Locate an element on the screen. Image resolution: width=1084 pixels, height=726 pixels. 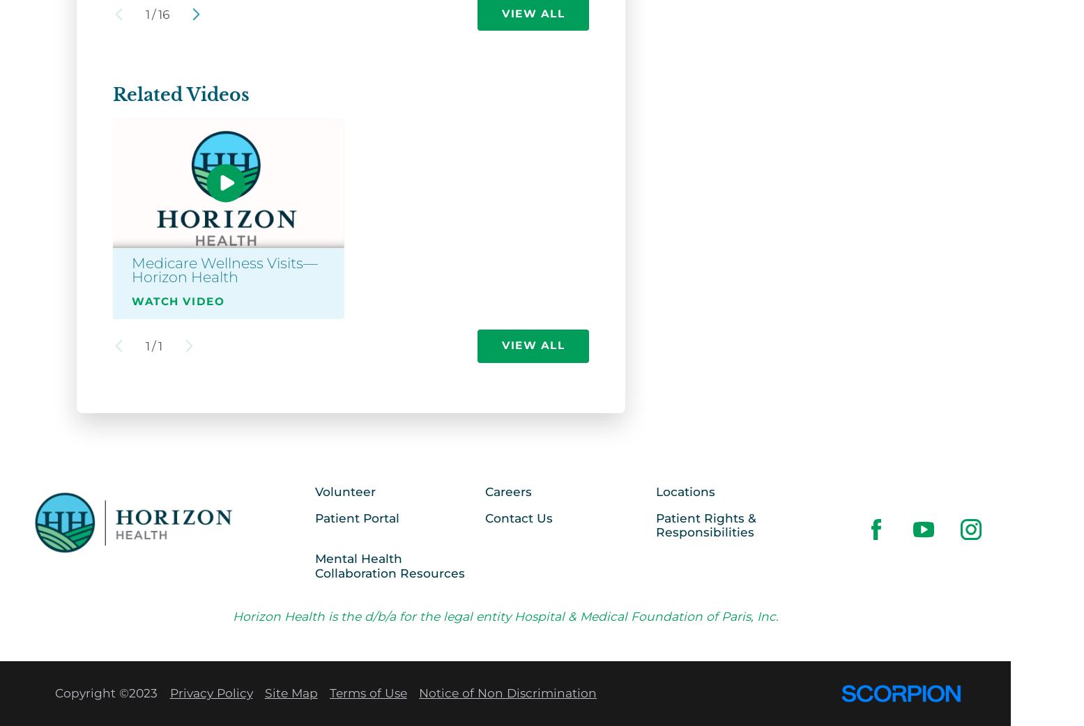
'Privacy Policy' is located at coordinates (210, 693).